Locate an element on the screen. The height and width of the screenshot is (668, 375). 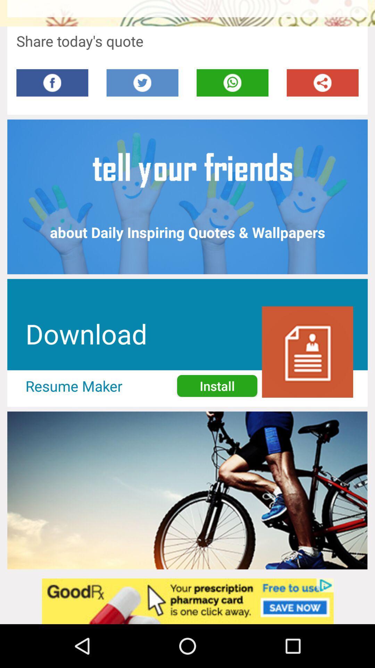
share the articles is located at coordinates (323, 83).